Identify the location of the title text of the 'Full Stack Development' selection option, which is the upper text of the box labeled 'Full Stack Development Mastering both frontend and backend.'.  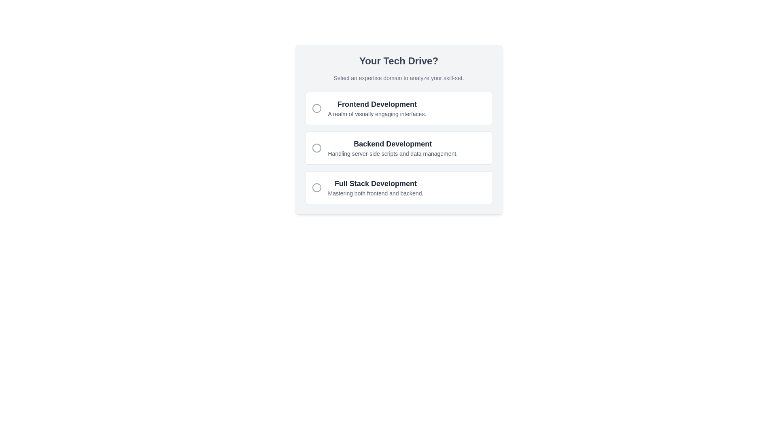
(375, 184).